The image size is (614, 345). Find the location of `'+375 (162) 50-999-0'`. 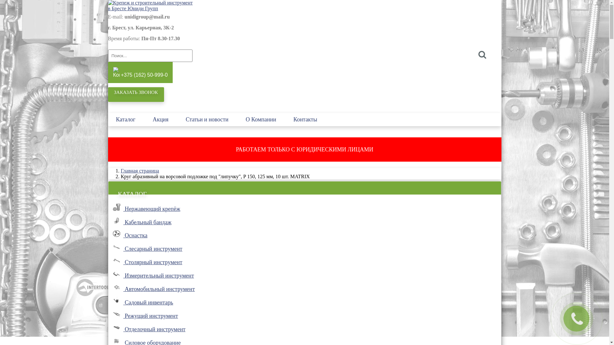

'+375 (162) 50-999-0' is located at coordinates (140, 72).